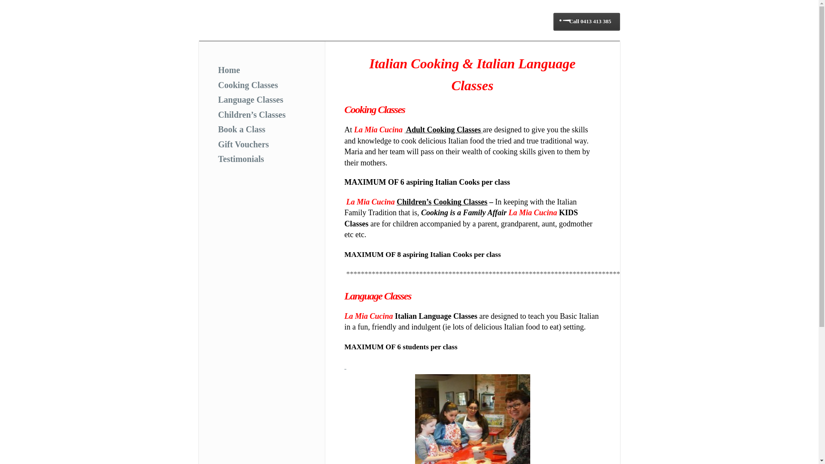 This screenshot has width=825, height=464. Describe the element at coordinates (247, 84) in the screenshot. I see `'Cooking Classes'` at that location.